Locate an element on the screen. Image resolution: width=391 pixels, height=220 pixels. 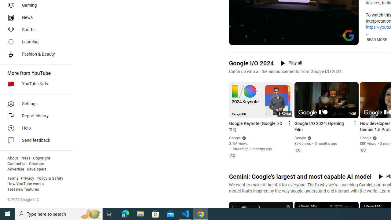
'Creators' is located at coordinates (36, 163).